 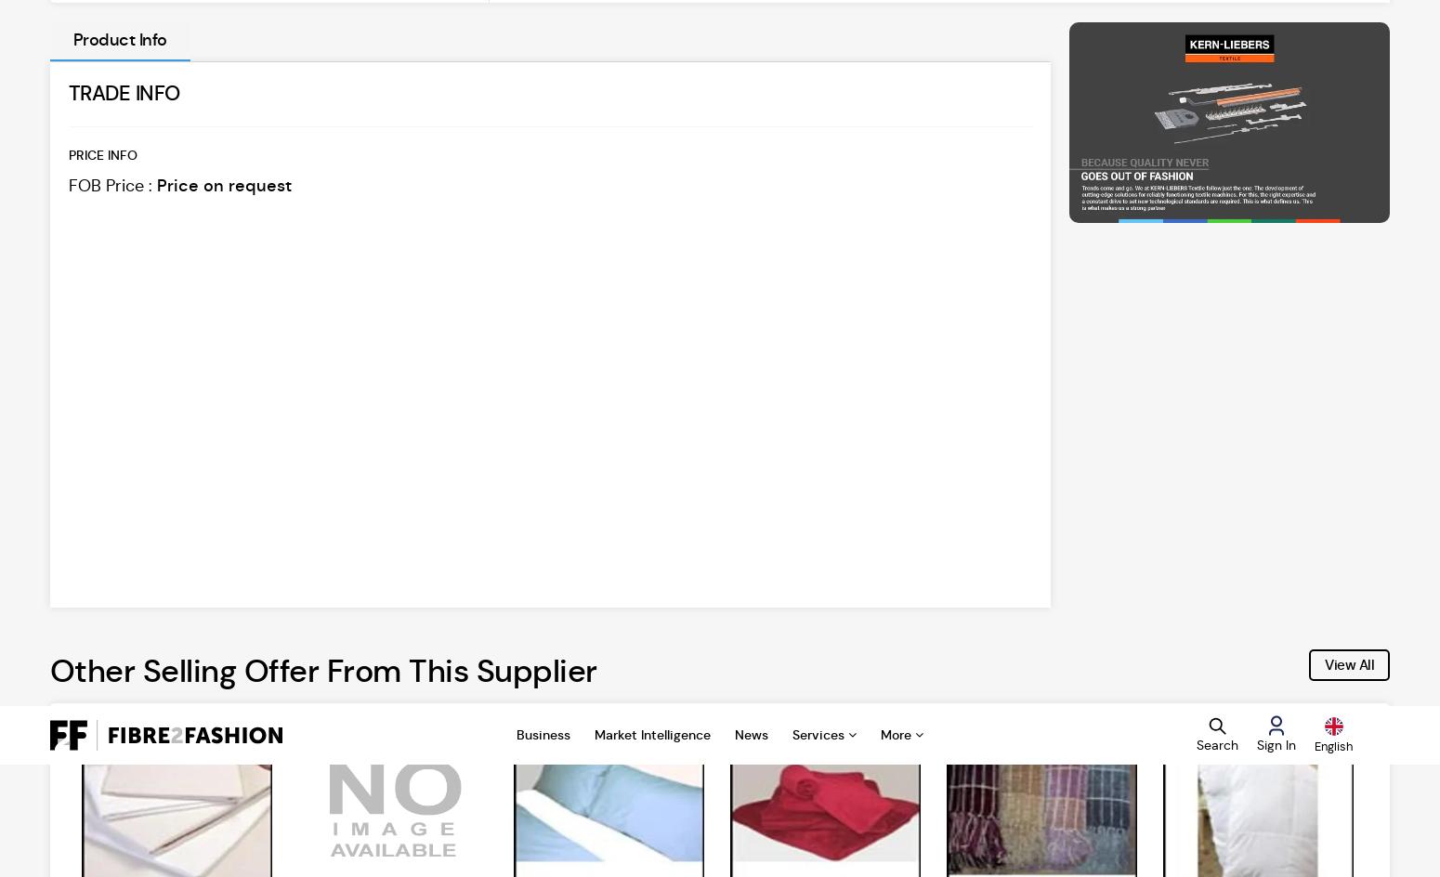 I want to click on 'Buyer Desk', so click(x=1263, y=716).